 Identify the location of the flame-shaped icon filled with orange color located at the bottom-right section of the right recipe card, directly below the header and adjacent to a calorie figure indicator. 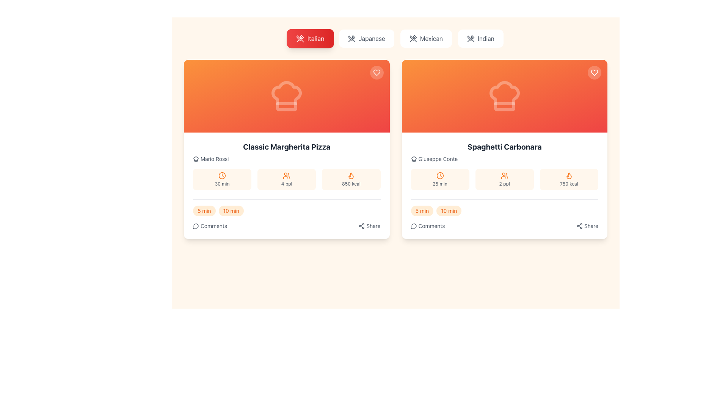
(351, 176).